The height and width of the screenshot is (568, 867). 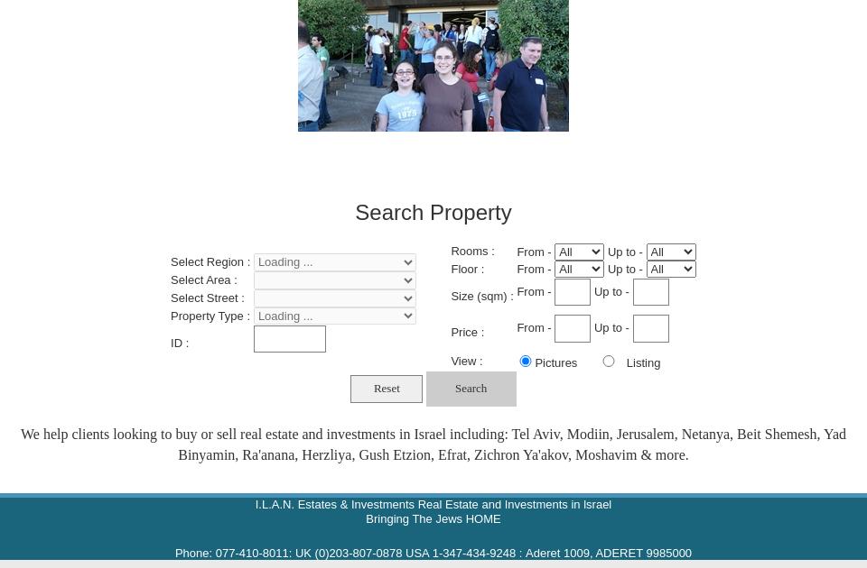 I want to click on 'Aderet 1009, ADERET 9985000', so click(x=609, y=552).